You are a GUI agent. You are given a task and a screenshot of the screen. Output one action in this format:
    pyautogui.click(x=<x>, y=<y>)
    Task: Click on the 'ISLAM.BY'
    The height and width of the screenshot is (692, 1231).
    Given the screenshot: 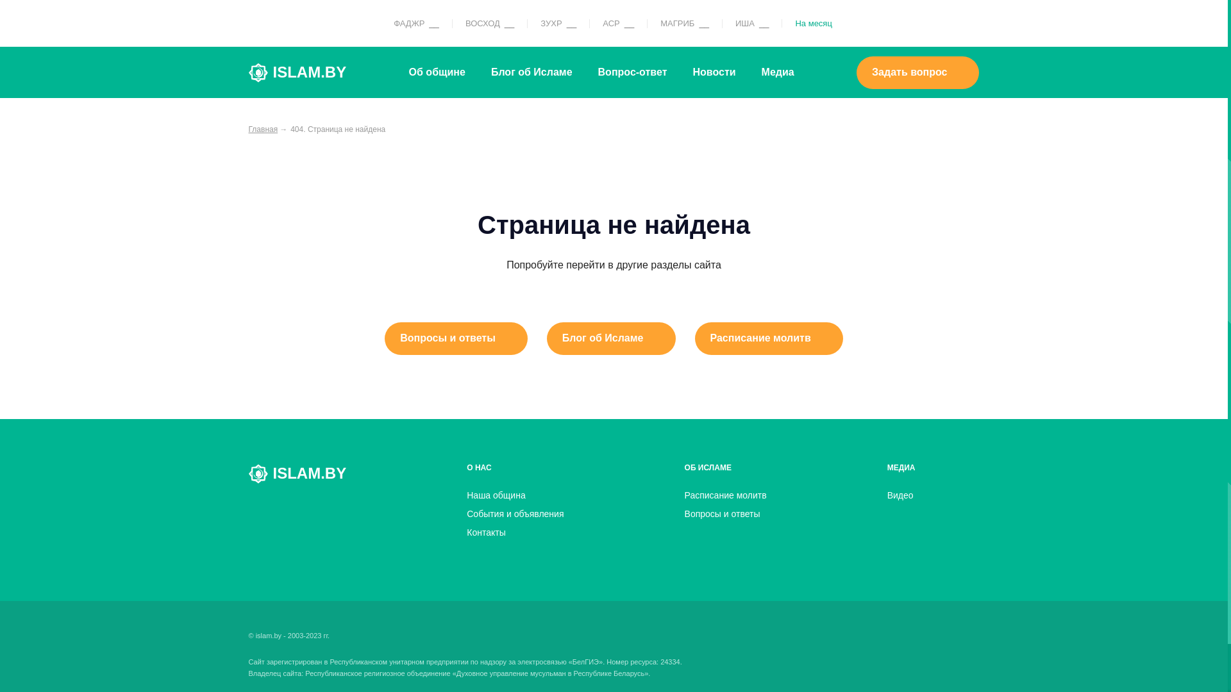 What is the action you would take?
    pyautogui.click(x=297, y=72)
    